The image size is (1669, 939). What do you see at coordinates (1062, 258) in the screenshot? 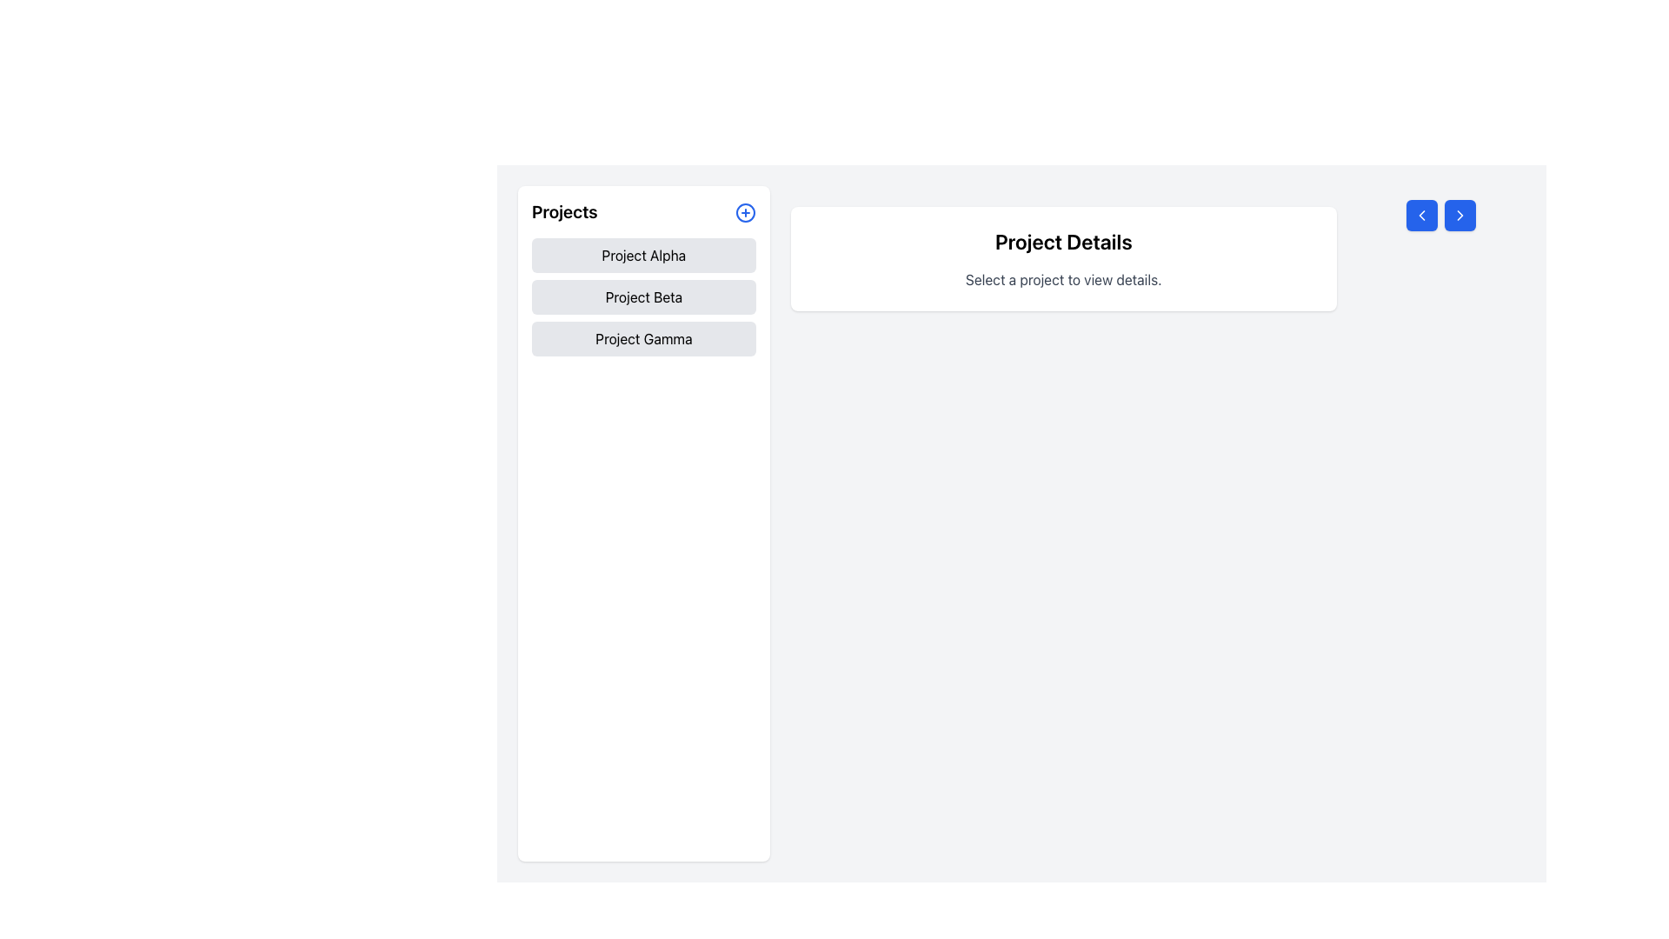
I see `static text display component labeled 'Project Details', which provides a header and brief instructions for selecting a project` at bounding box center [1062, 258].